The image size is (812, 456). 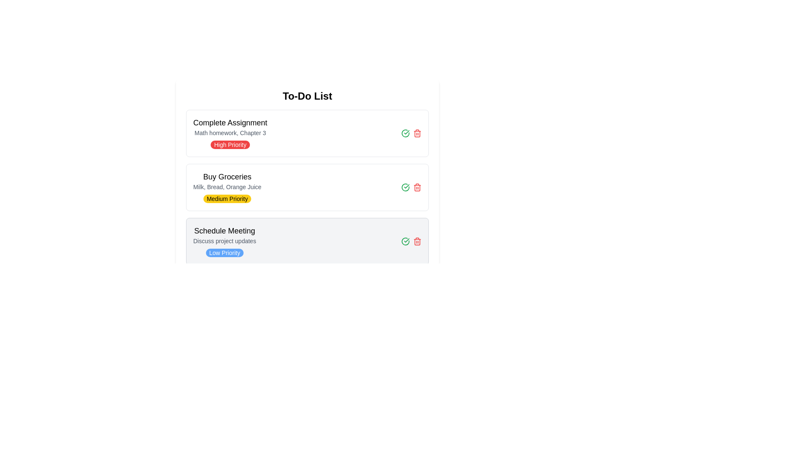 I want to click on the trash can icon representing the delete function located on the right side of the 'Complete Assignment' task in the task list interface, so click(x=417, y=133).